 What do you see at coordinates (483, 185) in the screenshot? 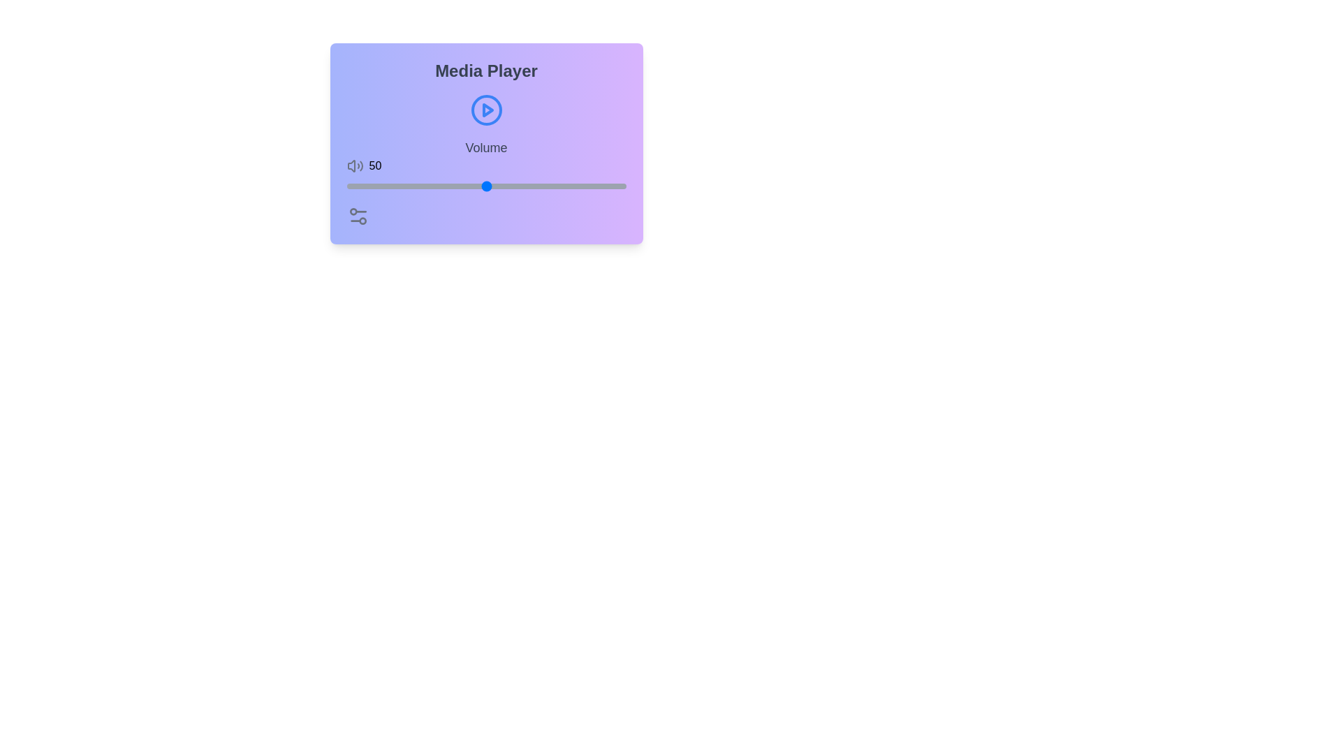
I see `the volume level` at bounding box center [483, 185].